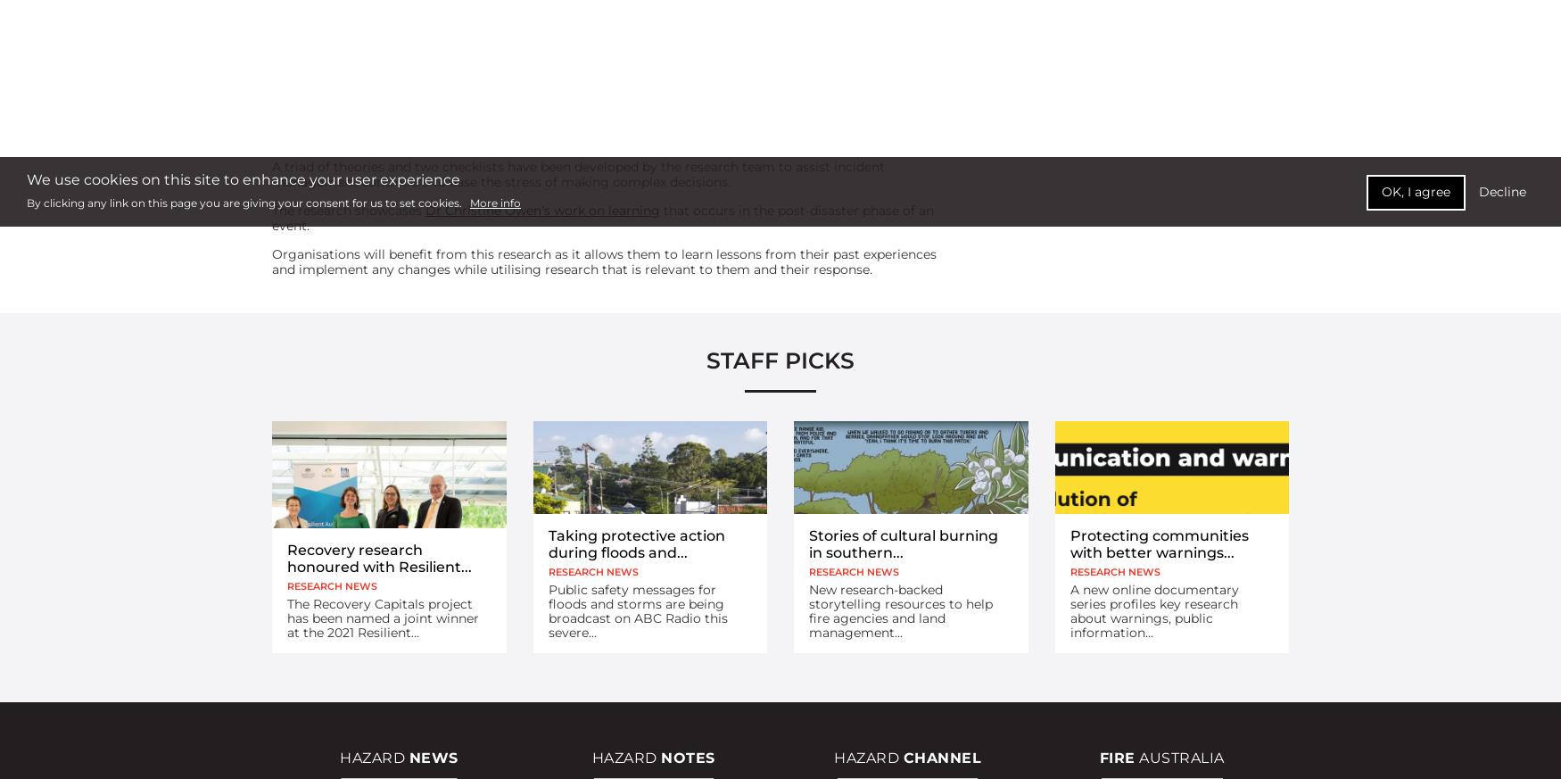  What do you see at coordinates (244, 202) in the screenshot?
I see `'By clicking any link on this page you are giving your consent for us to set cookies.'` at bounding box center [244, 202].